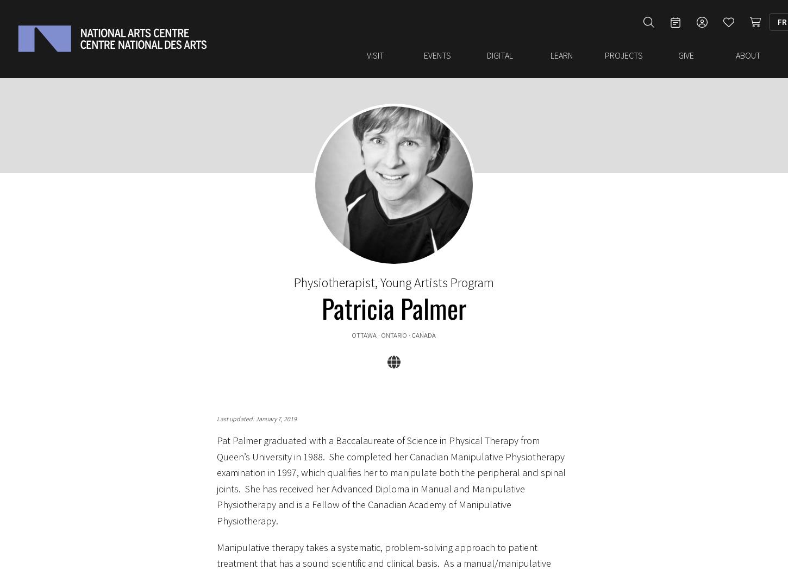  Describe the element at coordinates (734, 49) in the screenshot. I see `'About'` at that location.